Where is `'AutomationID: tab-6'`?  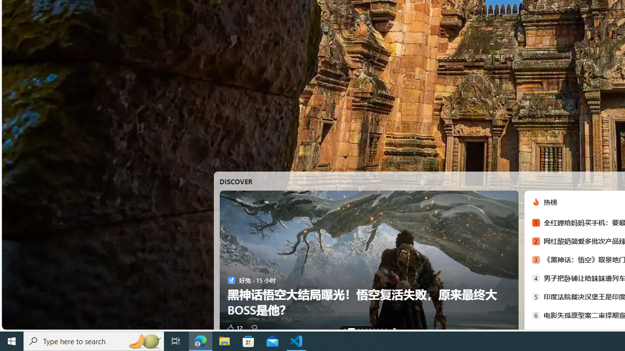 'AutomationID: tab-6' is located at coordinates (374, 329).